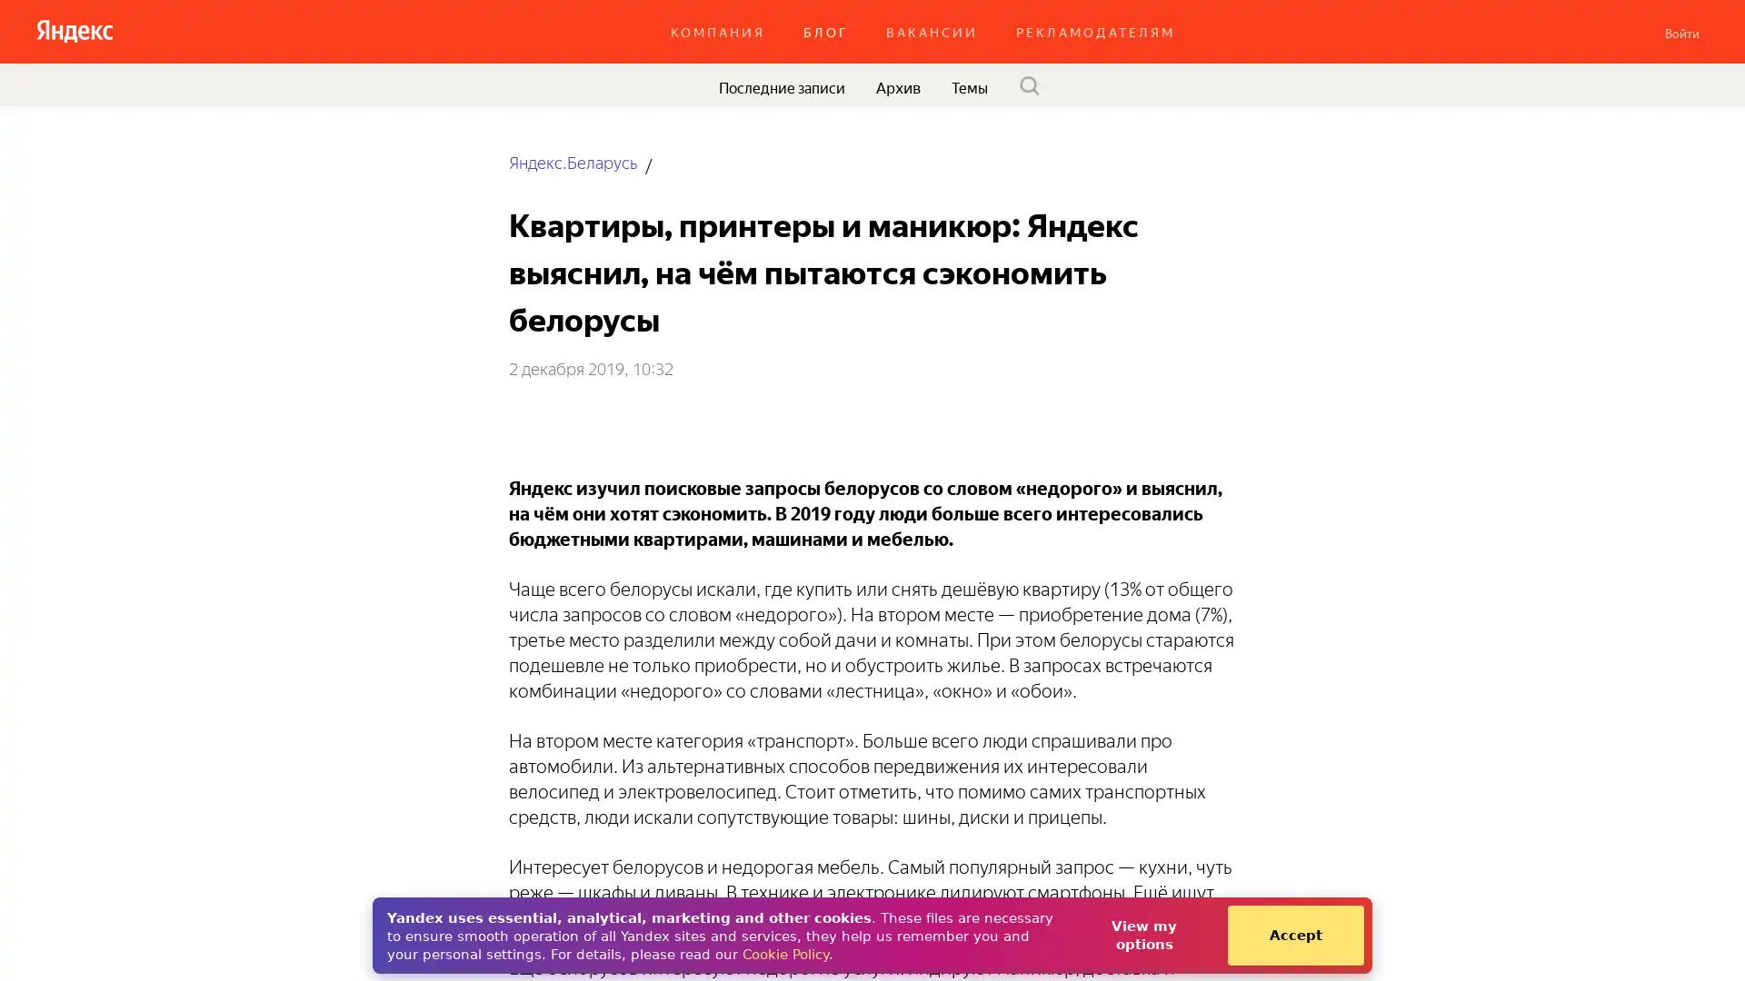  Describe the element at coordinates (1142, 935) in the screenshot. I see `View my options` at that location.